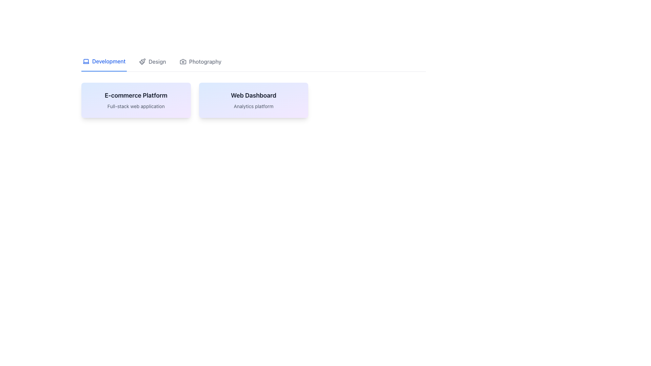 Image resolution: width=651 pixels, height=366 pixels. Describe the element at coordinates (86, 61) in the screenshot. I see `the icon representing the 'Development' label, which is positioned to the left of the text 'Development' within its tab` at that location.